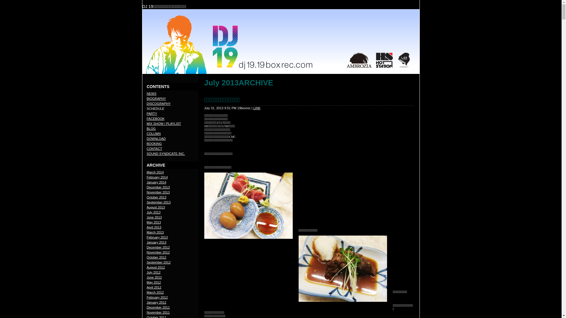 This screenshot has height=318, width=566. Describe the element at coordinates (147, 247) in the screenshot. I see `'December 2012'` at that location.